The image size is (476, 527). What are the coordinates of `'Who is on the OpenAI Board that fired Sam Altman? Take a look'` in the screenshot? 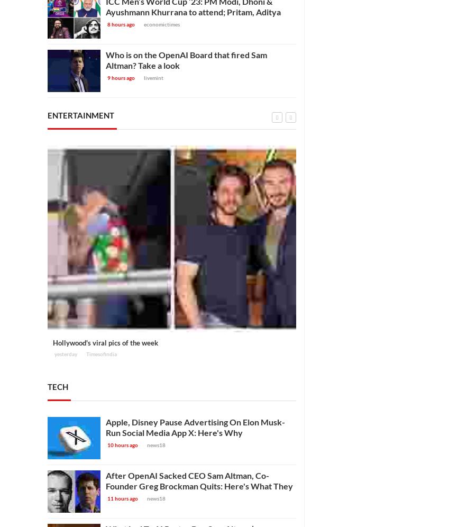 It's located at (186, 59).